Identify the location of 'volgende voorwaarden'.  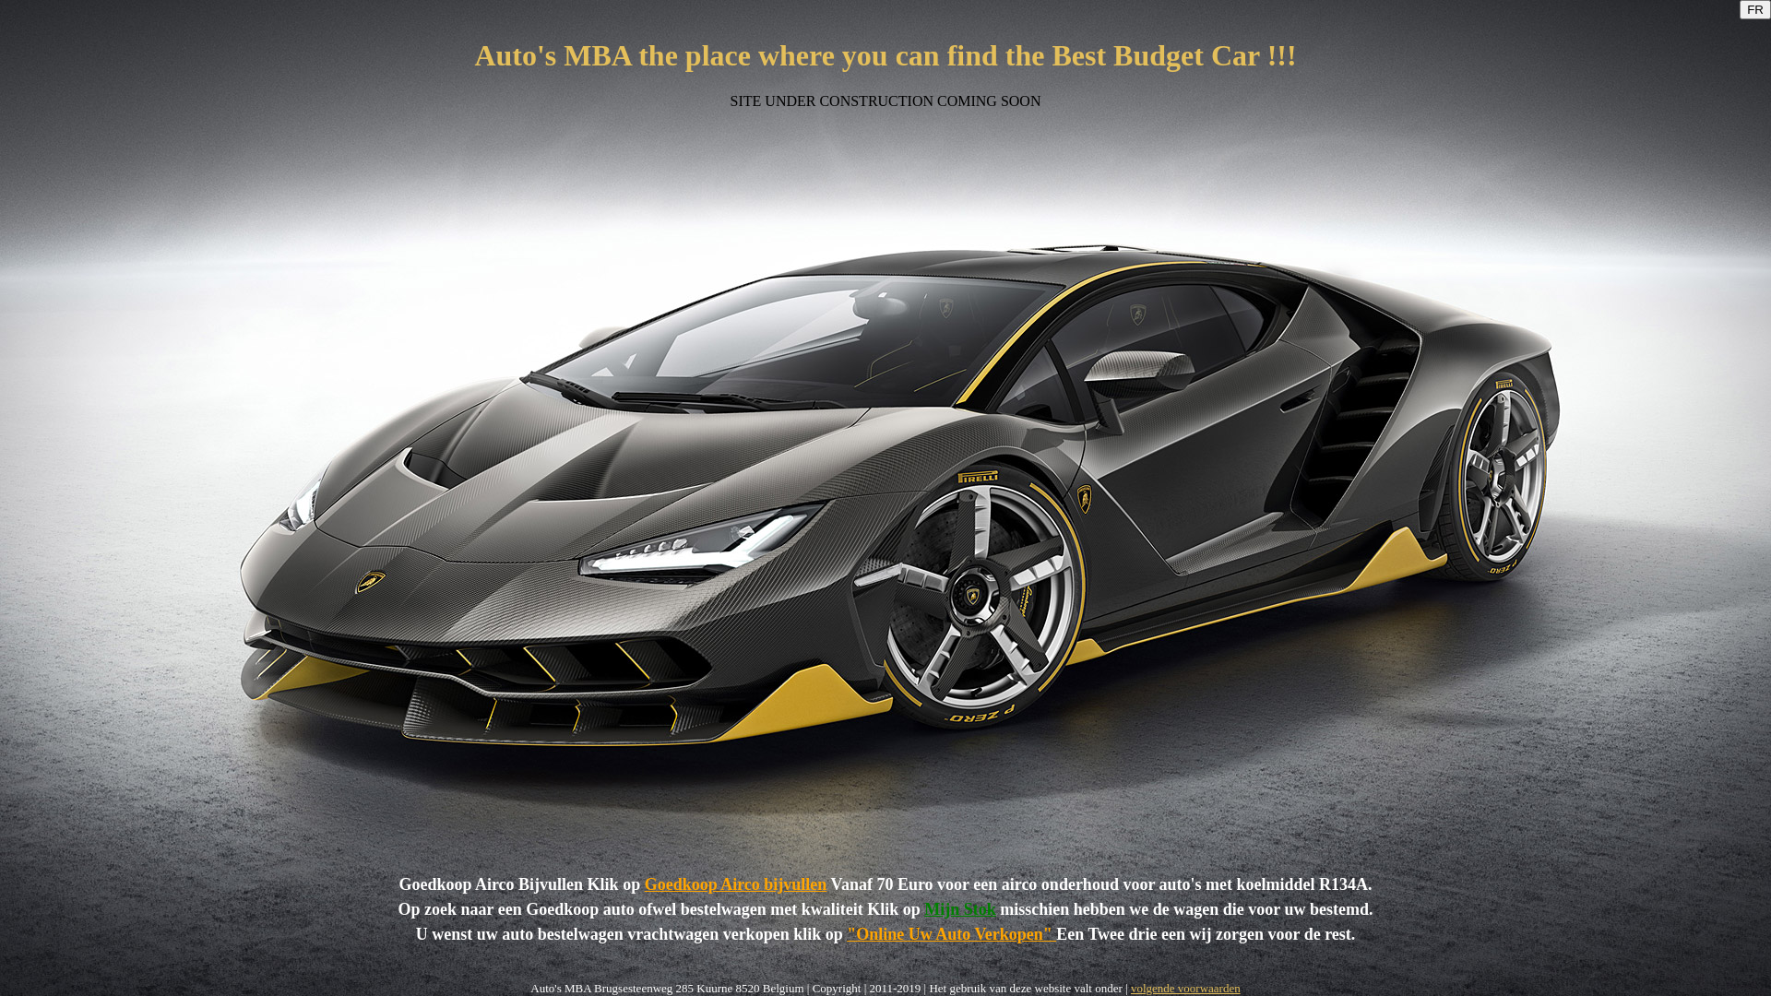
(1185, 987).